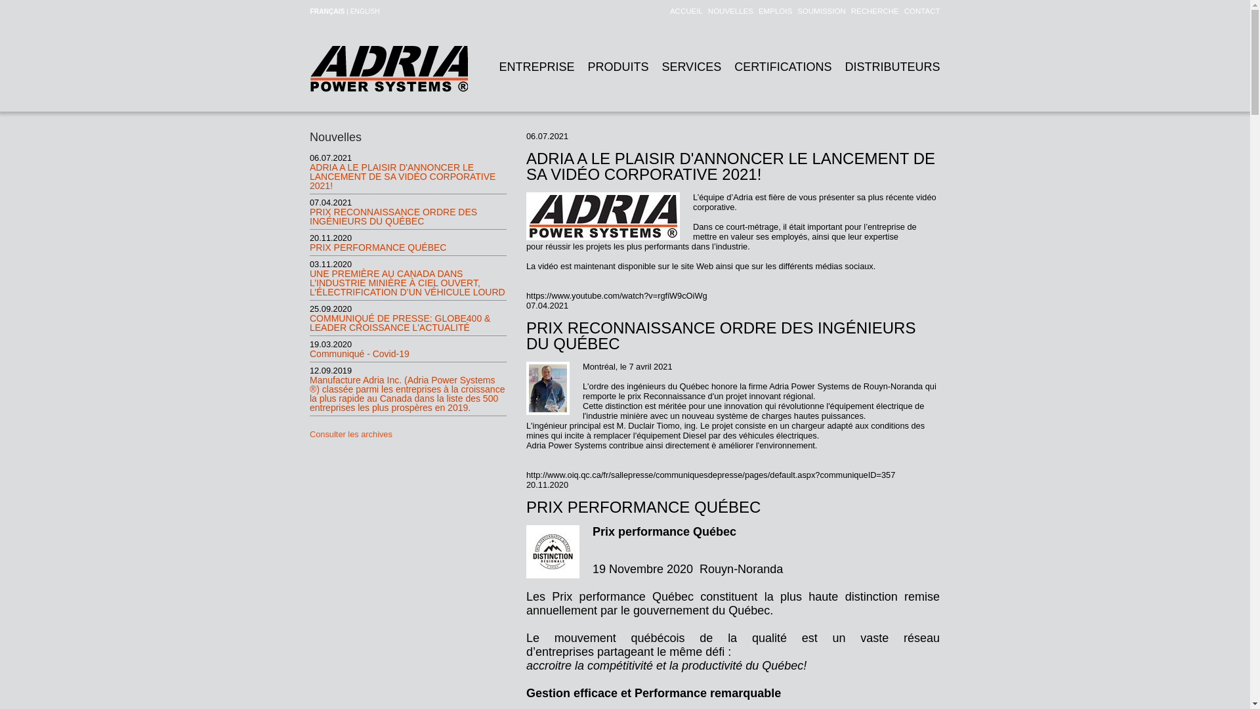  What do you see at coordinates (617, 66) in the screenshot?
I see `'PRODUITS'` at bounding box center [617, 66].